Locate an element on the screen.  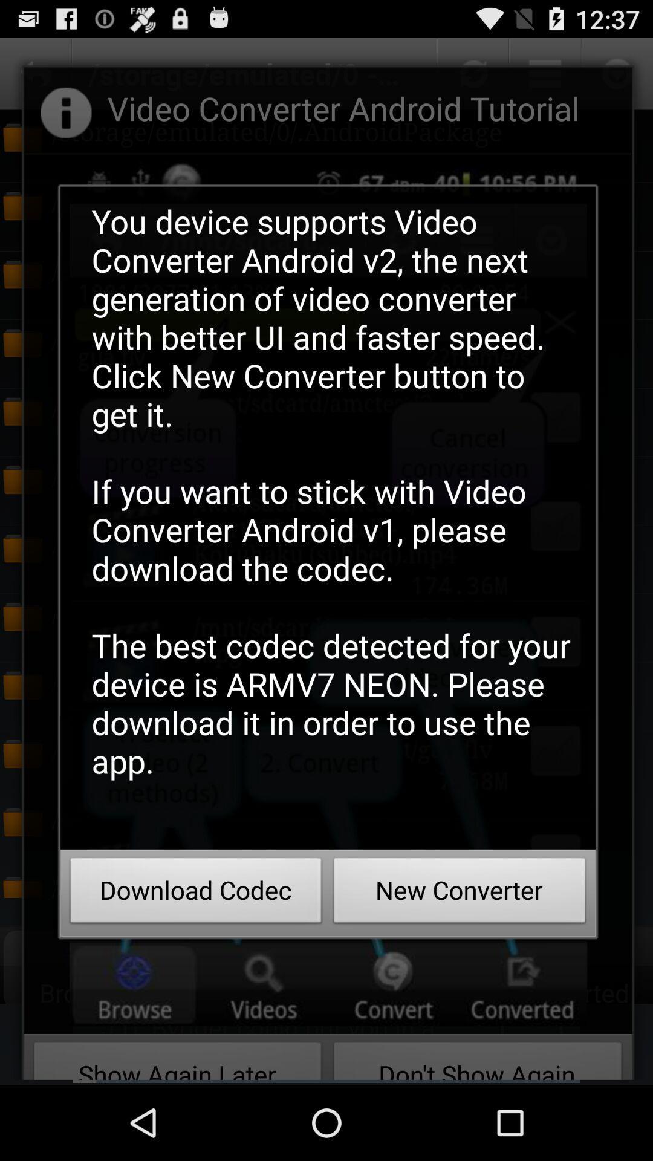
download codec item is located at coordinates (195, 894).